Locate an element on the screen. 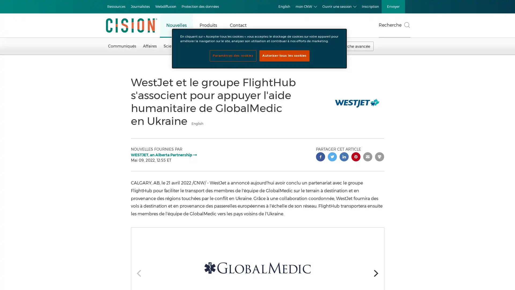  Recherche is located at coordinates (394, 26).